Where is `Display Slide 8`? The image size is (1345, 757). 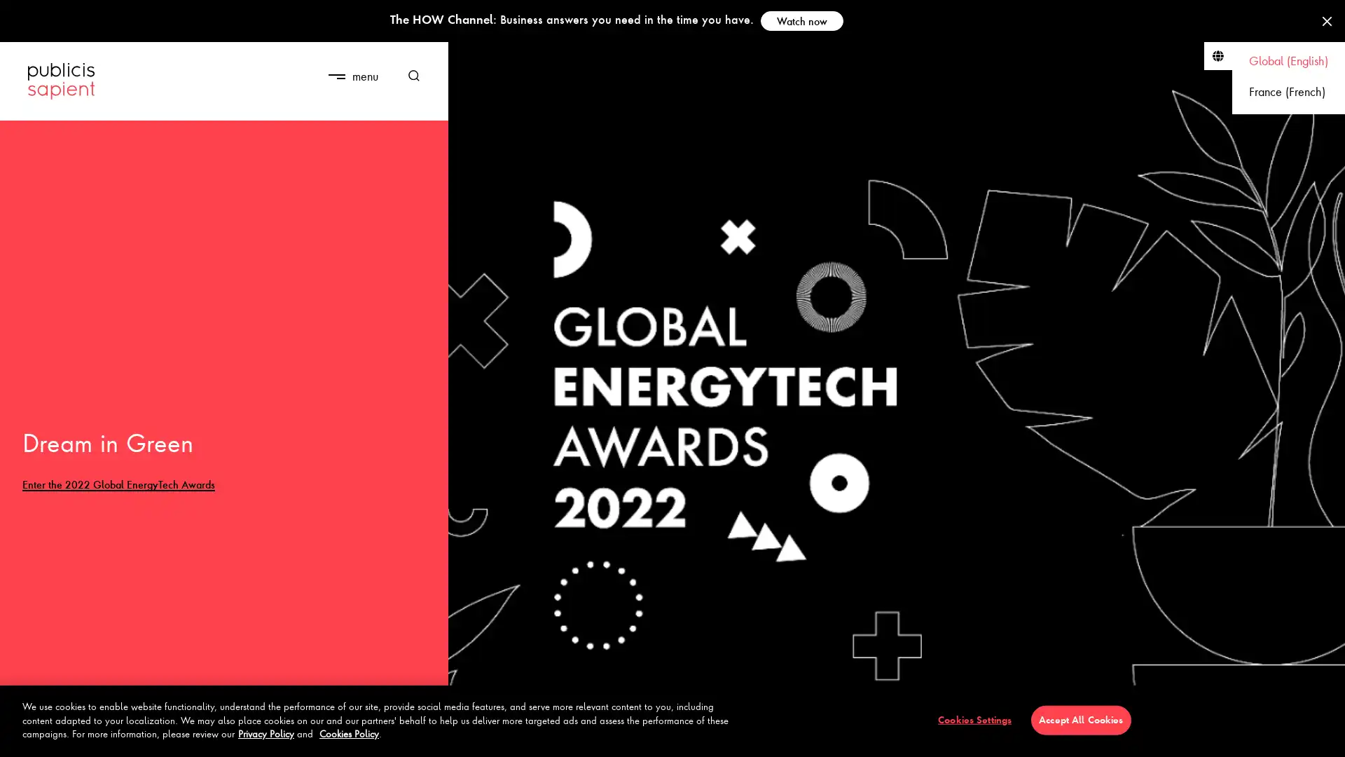 Display Slide 8 is located at coordinates (183, 737).